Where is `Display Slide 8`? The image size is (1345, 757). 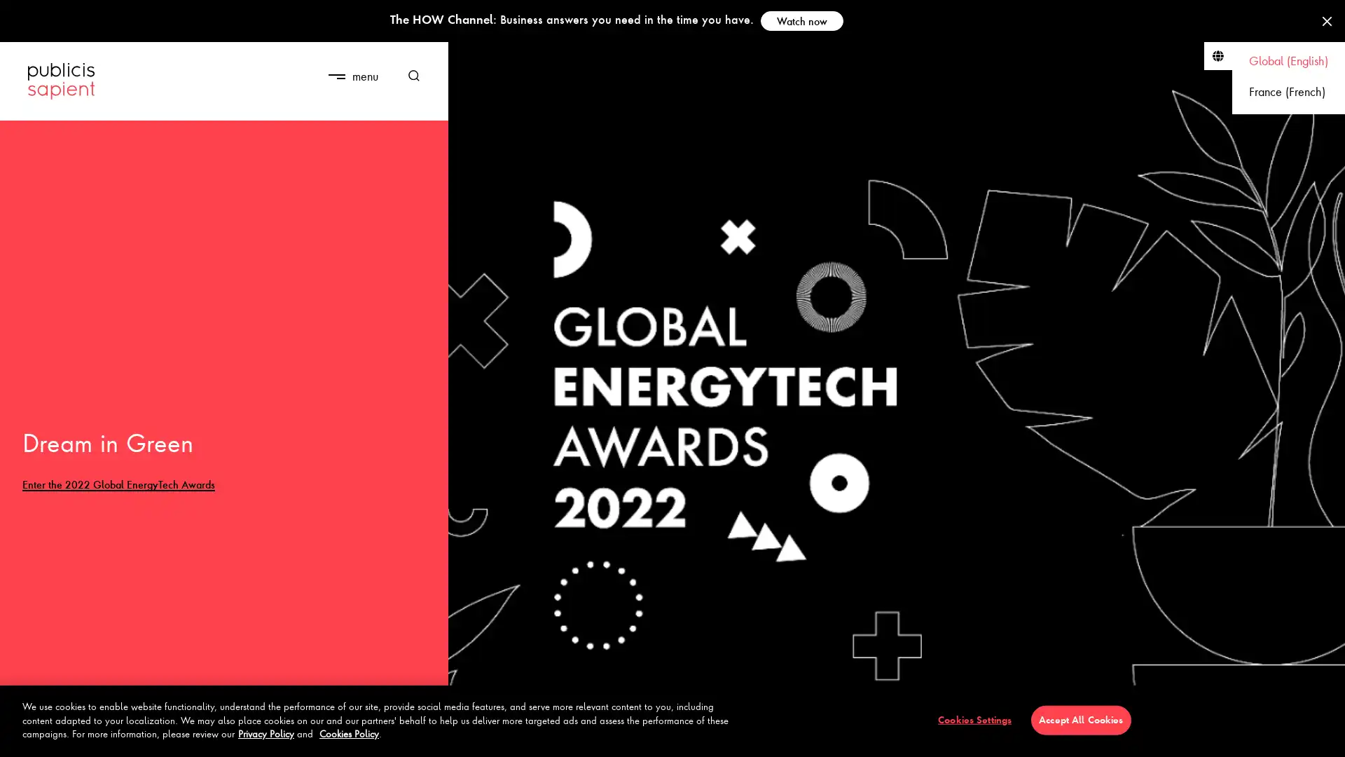 Display Slide 8 is located at coordinates (183, 737).